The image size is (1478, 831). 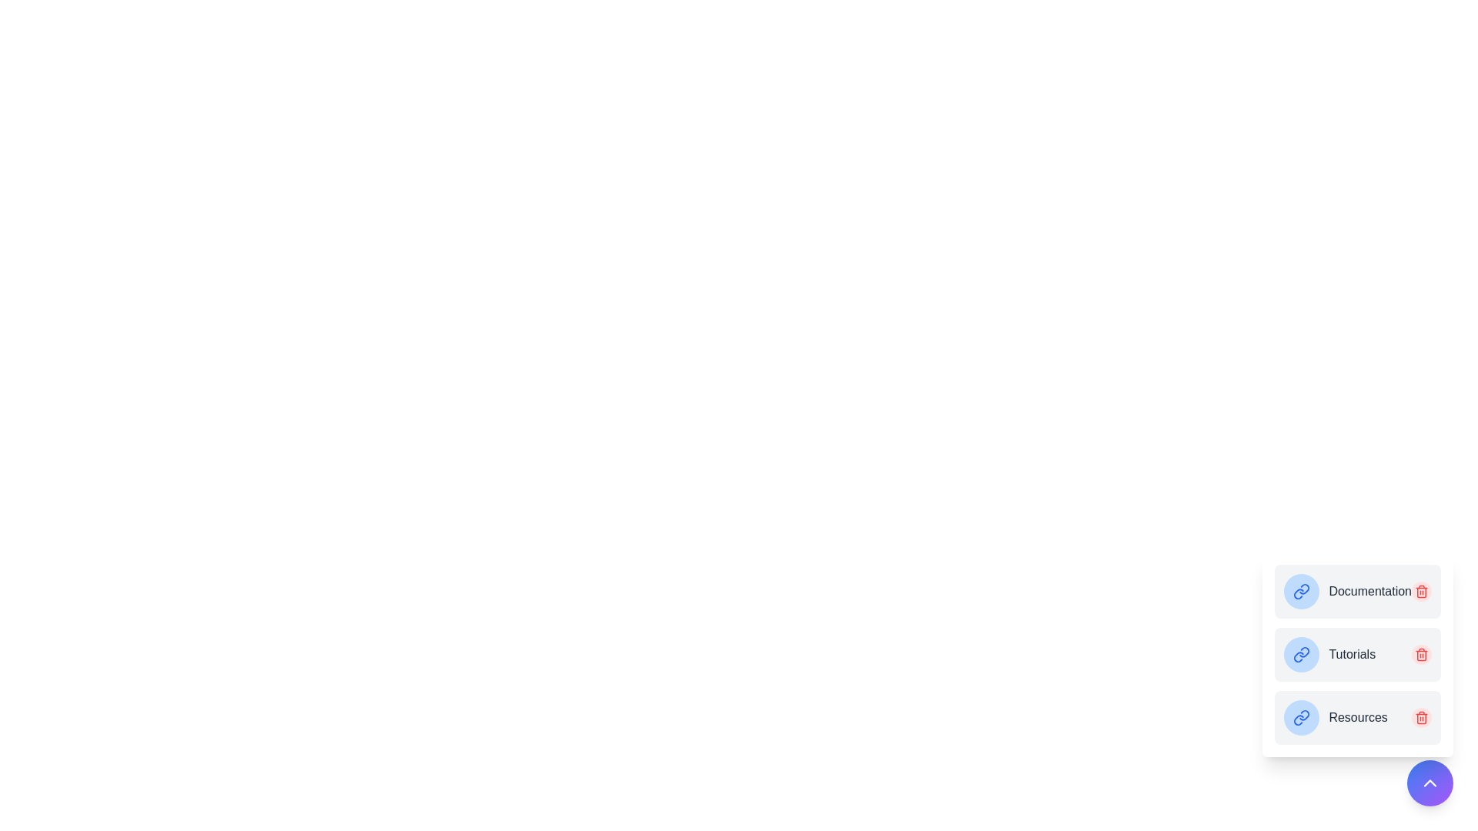 What do you see at coordinates (1429, 783) in the screenshot?
I see `main button to toggle the menu` at bounding box center [1429, 783].